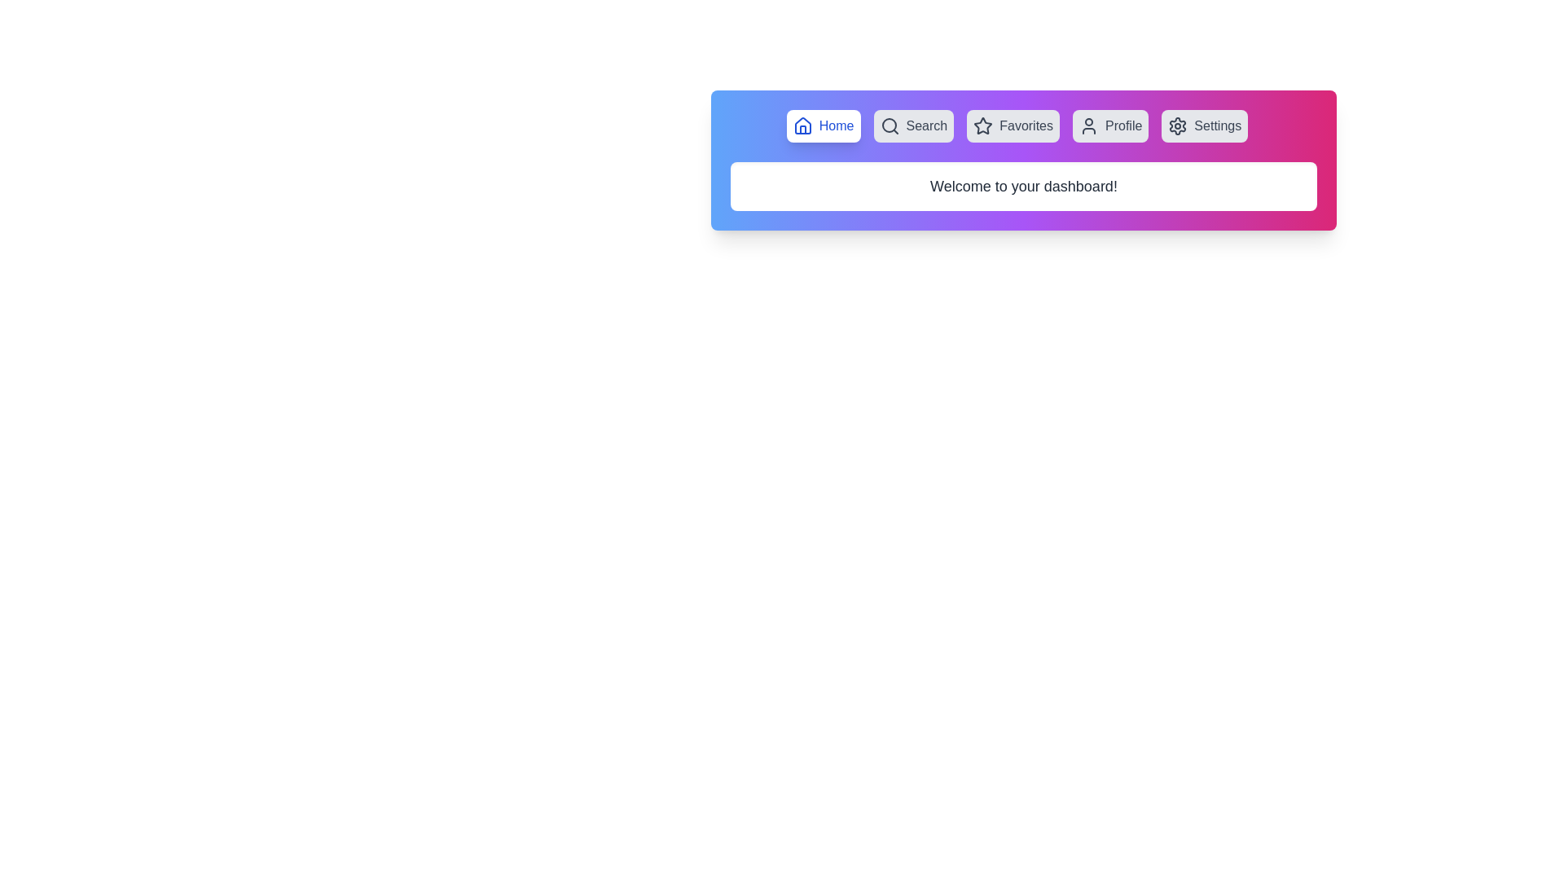 Image resolution: width=1564 pixels, height=880 pixels. What do you see at coordinates (1205, 125) in the screenshot?
I see `the 'Settings' button, which features a gear icon and is located` at bounding box center [1205, 125].